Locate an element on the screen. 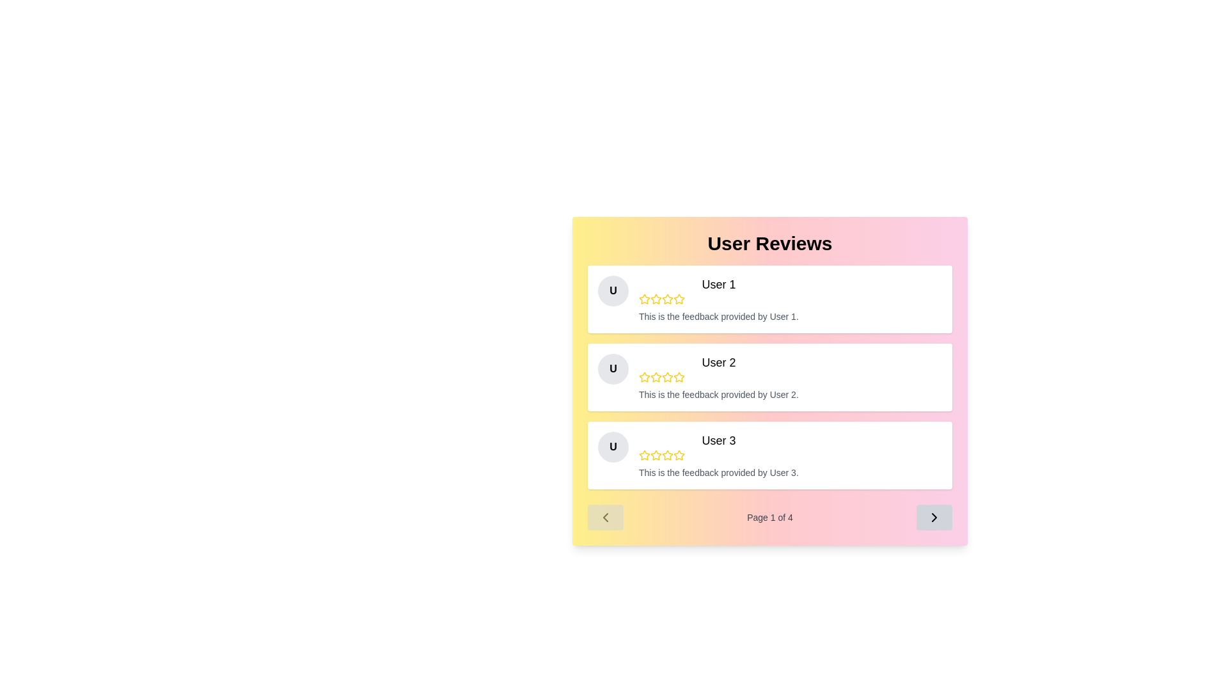  the 'User 2' text label, which is styled in large font and serves as the headline for the second user review card is located at coordinates (718, 363).